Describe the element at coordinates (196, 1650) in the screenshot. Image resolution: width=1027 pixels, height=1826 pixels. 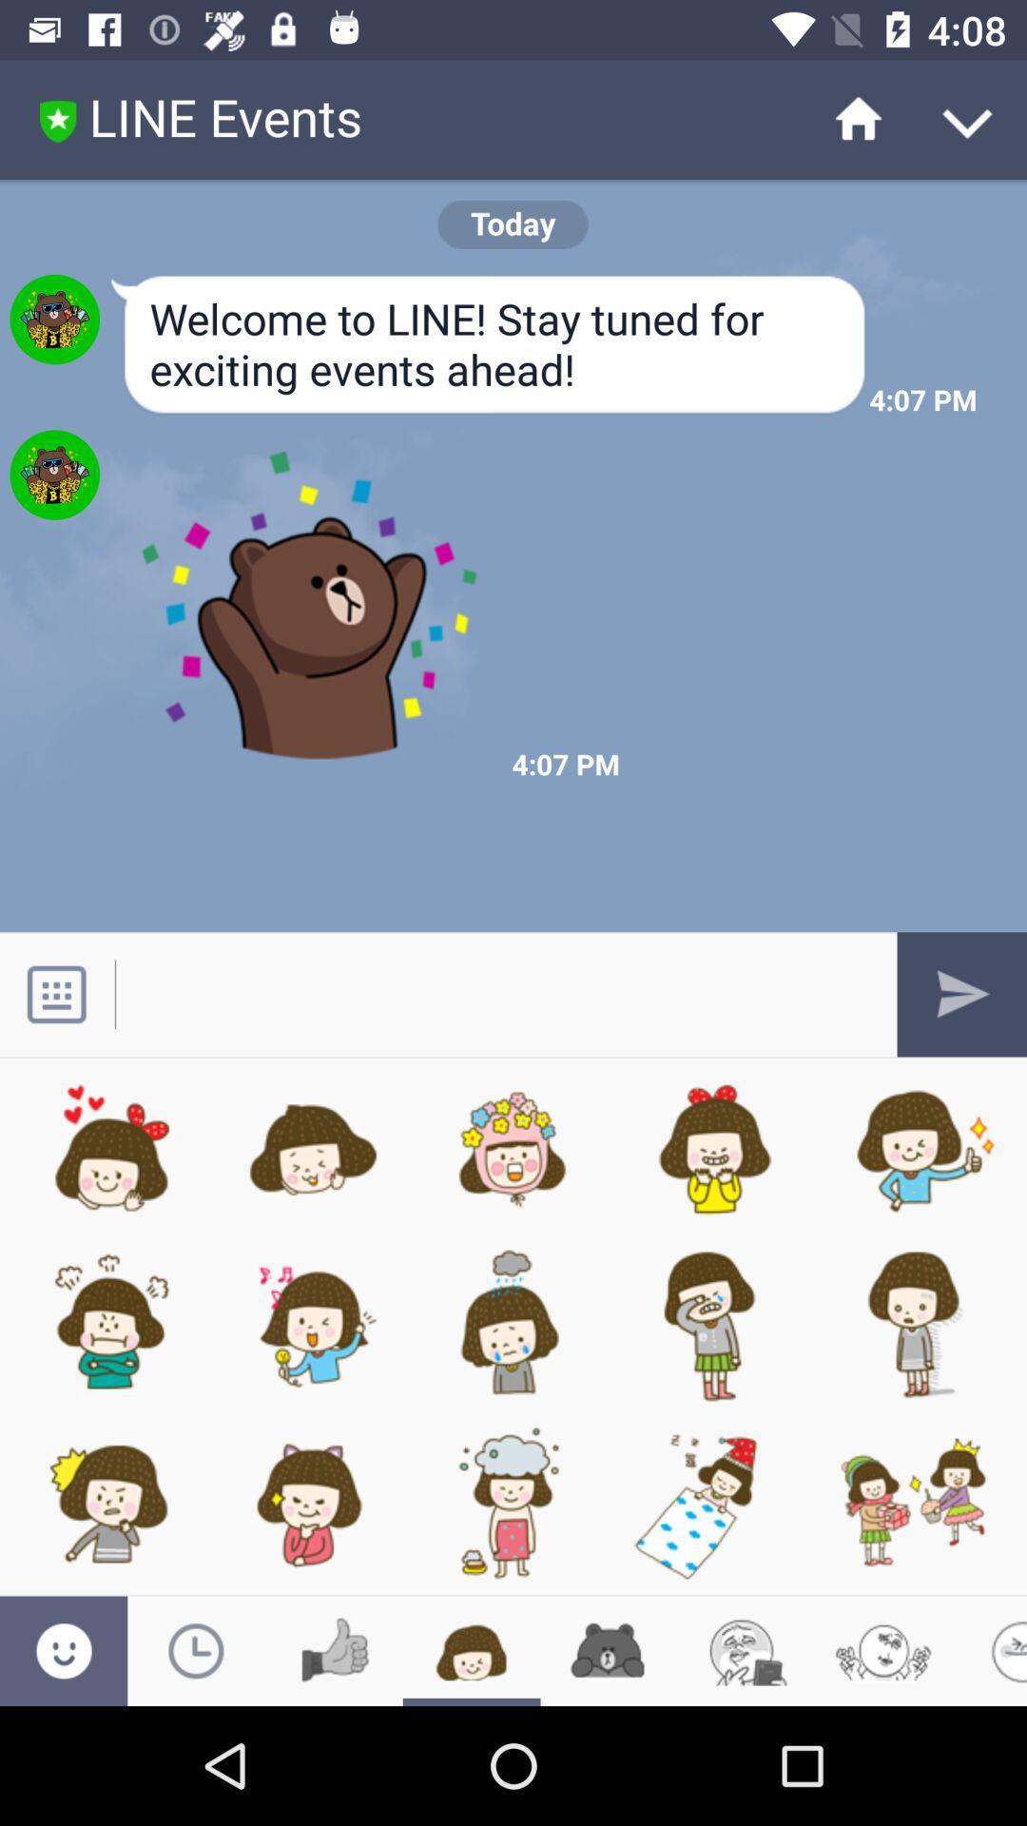
I see `the time icon` at that location.